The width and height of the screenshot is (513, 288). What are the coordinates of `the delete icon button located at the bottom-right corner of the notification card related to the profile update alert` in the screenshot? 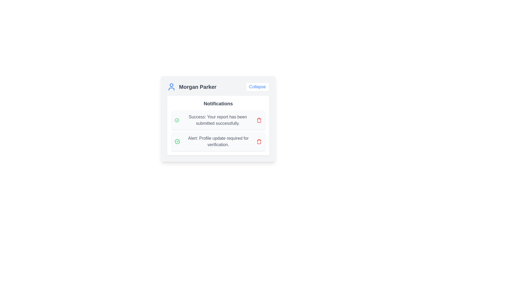 It's located at (259, 141).